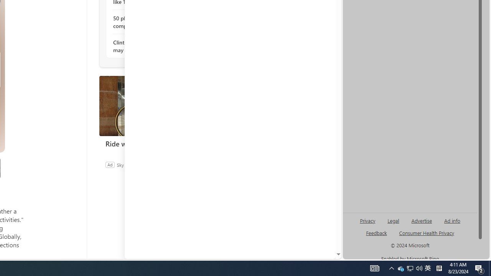  Describe the element at coordinates (131, 164) in the screenshot. I see `'Sky Blue Bikes'` at that location.